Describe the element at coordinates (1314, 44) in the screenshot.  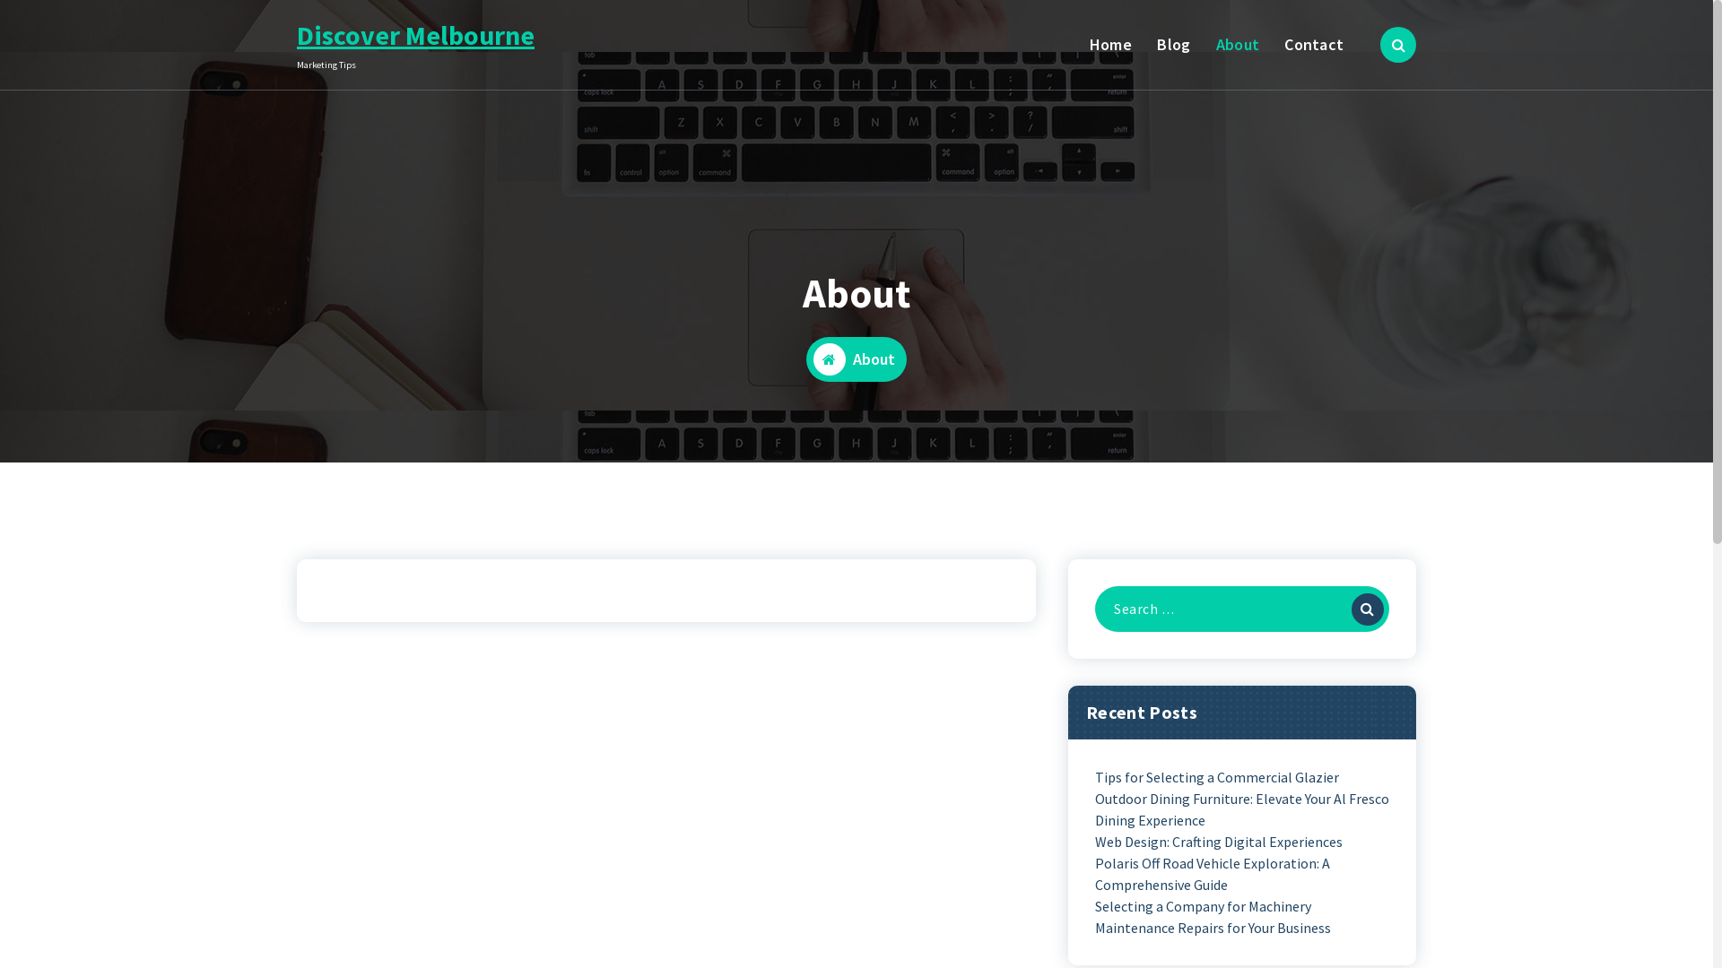
I see `'Contact'` at that location.